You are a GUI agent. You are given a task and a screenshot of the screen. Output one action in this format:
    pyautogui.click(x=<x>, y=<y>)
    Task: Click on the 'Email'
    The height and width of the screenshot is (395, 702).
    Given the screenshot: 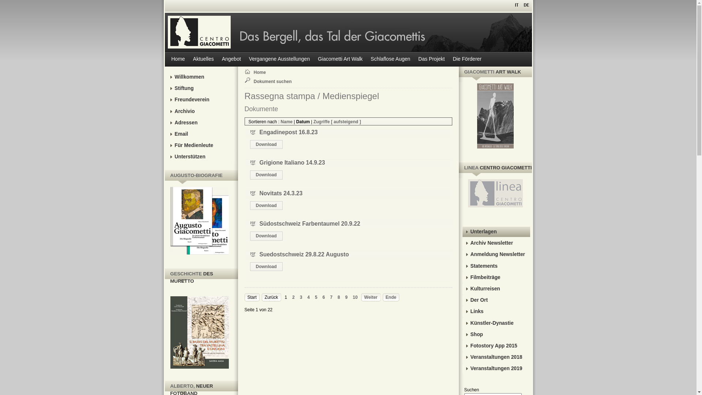 What is the action you would take?
    pyautogui.click(x=200, y=134)
    